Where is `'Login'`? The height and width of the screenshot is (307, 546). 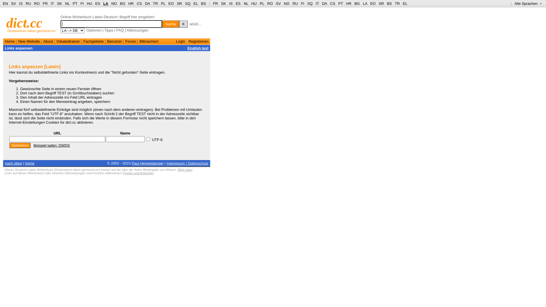 'Login' is located at coordinates (180, 41).